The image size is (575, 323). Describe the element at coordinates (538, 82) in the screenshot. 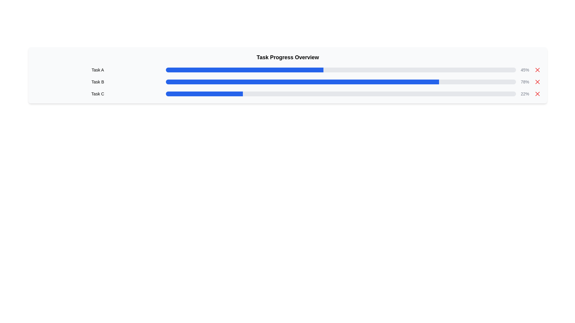

I see `the red 'X' icon (Delete/Cancel Button) located to the far right of the second progress bar, next to the percentage value '78%' and aligned with the task label 'Task B'` at that location.